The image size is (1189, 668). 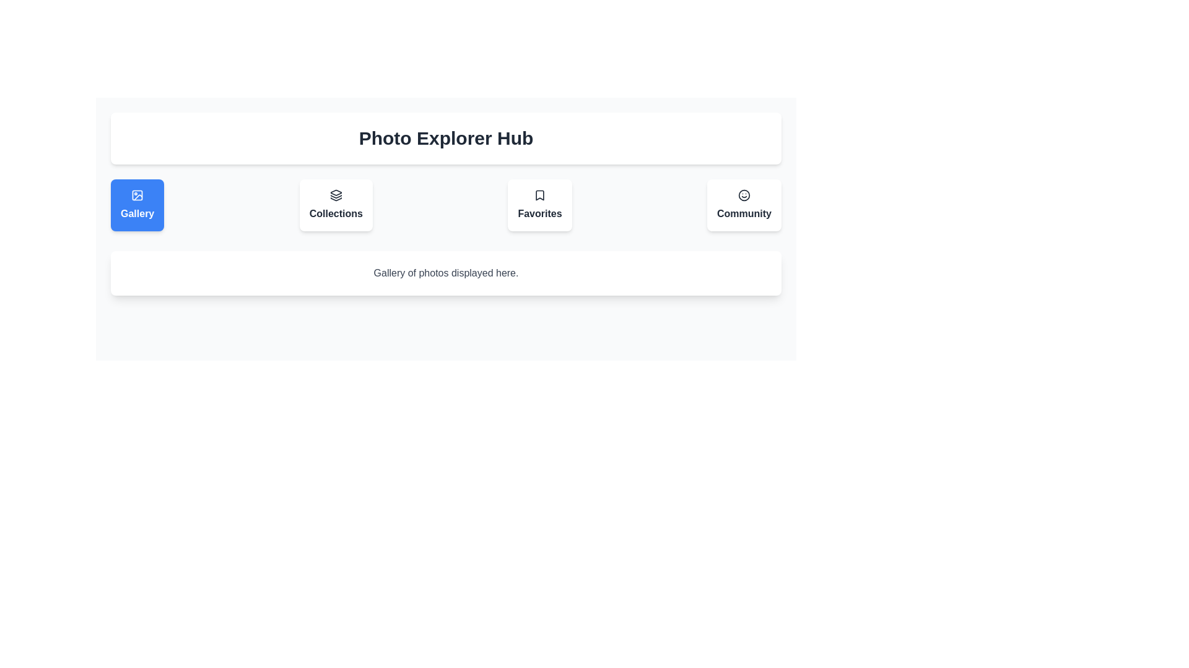 I want to click on the SVG icon shaped like a bookmark, which is located within the 'Favorites' button on the navigation bar, so click(x=540, y=195).